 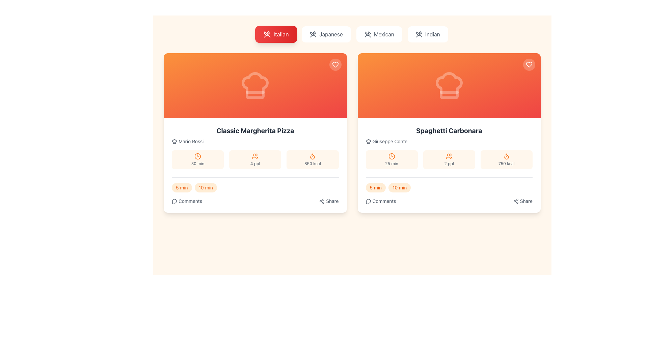 I want to click on the pill-shaped button containing an icon of crossed utensils and the text 'Japanese', so click(x=326, y=34).